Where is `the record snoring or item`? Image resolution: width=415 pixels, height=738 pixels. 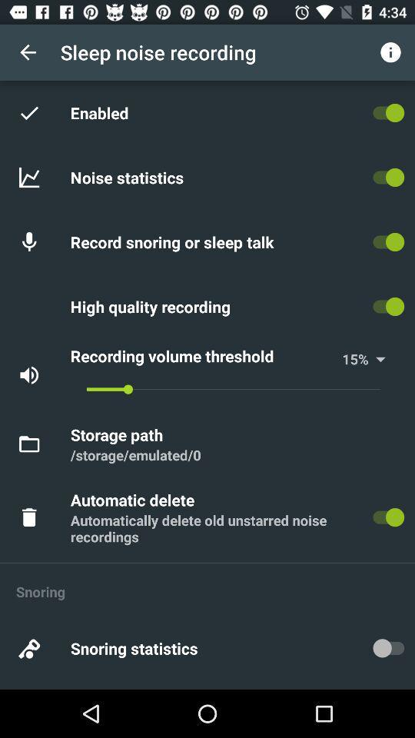
the record snoring or item is located at coordinates (174, 241).